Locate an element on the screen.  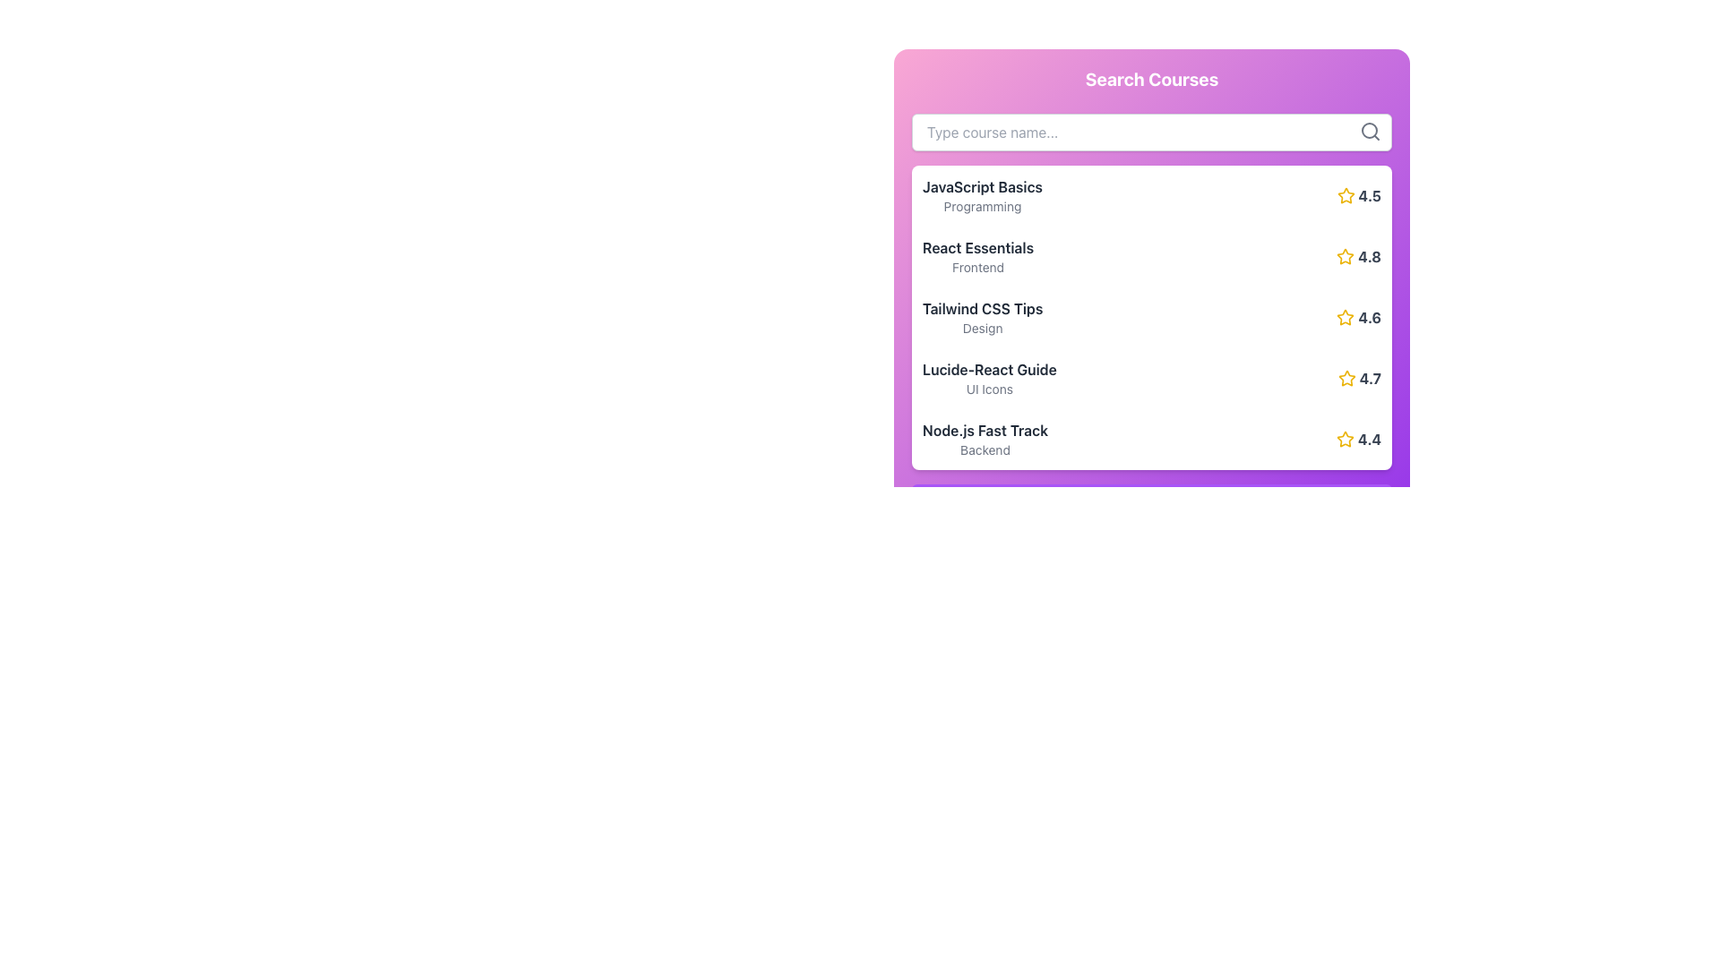
the magnifying glass icon located at the top-right of the input field to initiate the search is located at coordinates (1370, 130).